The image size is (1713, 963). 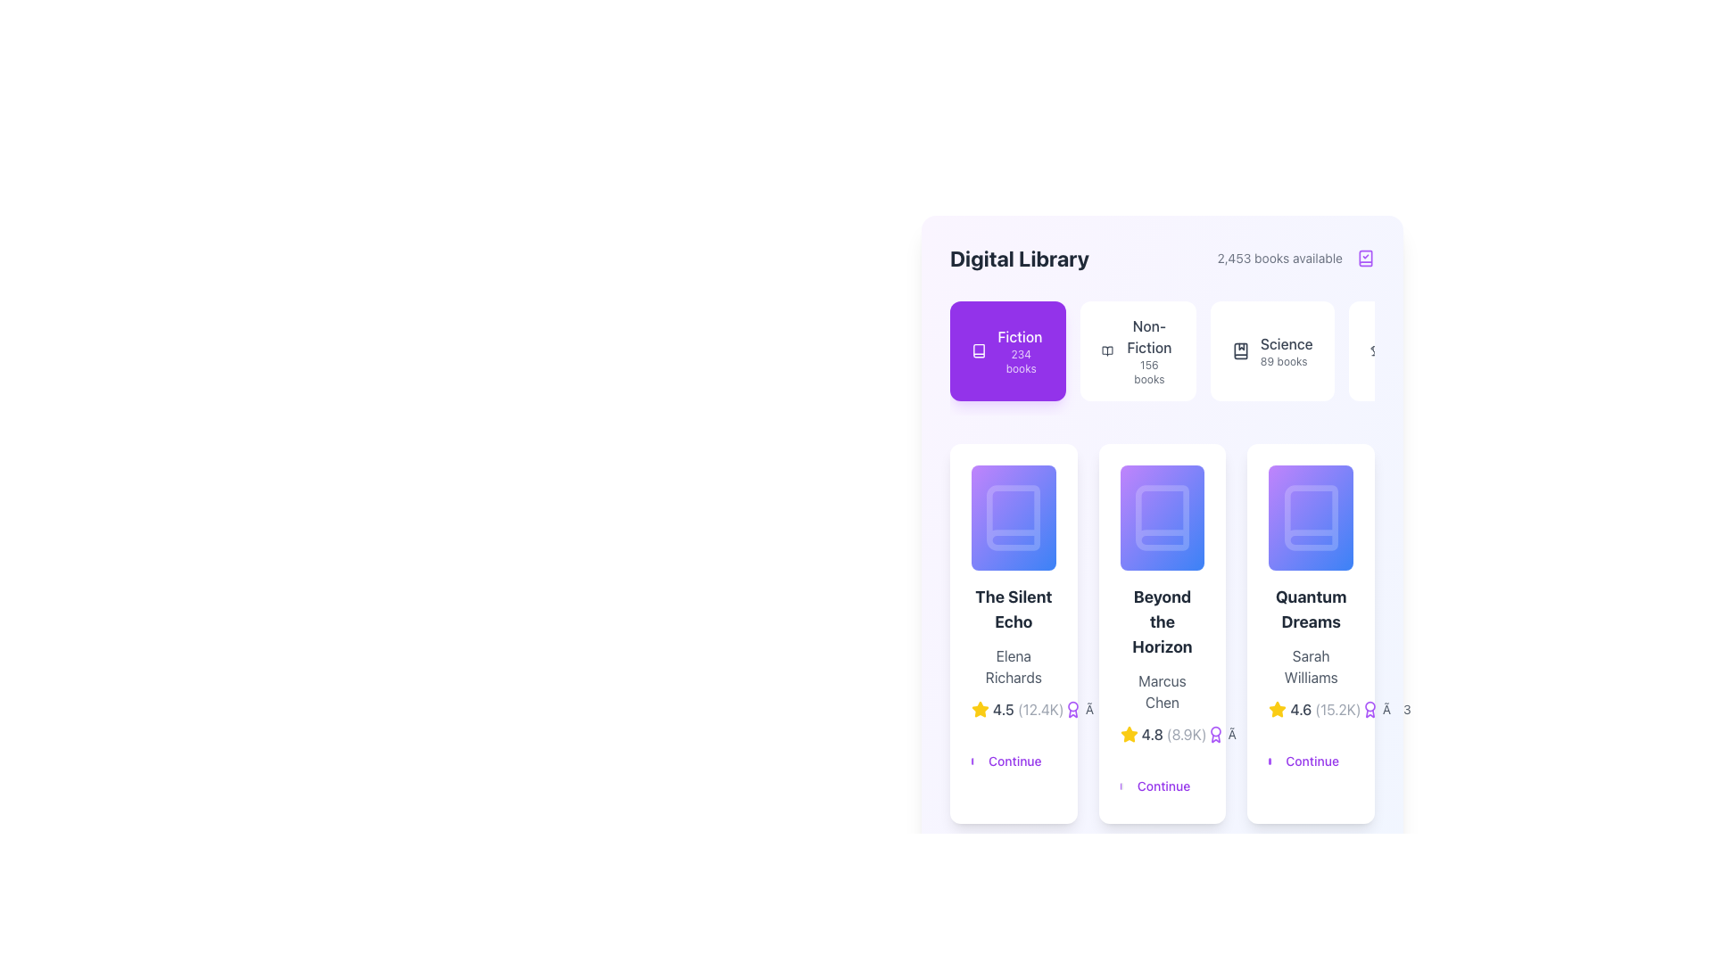 What do you see at coordinates (1312, 761) in the screenshot?
I see `the 'Continue' Interactive Text button located at the bottom right of the 'Quantum Dreams' content card` at bounding box center [1312, 761].